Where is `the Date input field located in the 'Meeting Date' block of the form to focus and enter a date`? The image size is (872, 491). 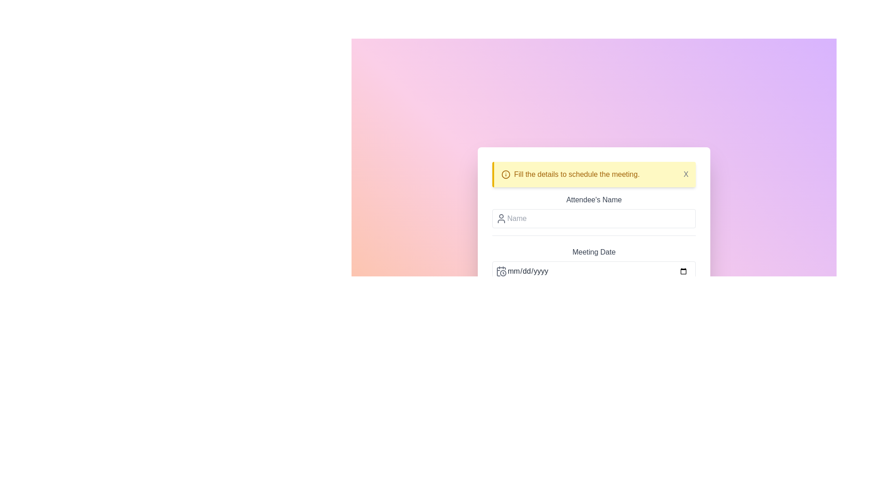
the Date input field located in the 'Meeting Date' block of the form to focus and enter a date is located at coordinates (594, 271).